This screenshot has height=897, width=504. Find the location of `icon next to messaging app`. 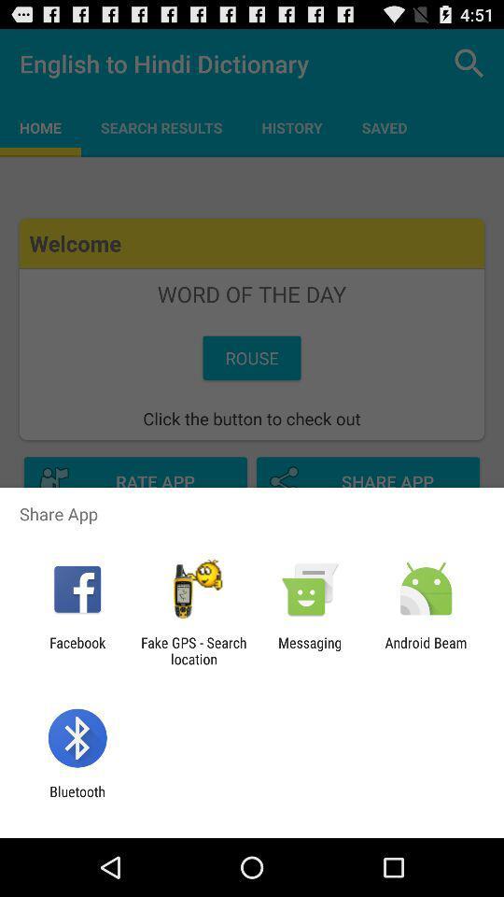

icon next to messaging app is located at coordinates (426, 650).